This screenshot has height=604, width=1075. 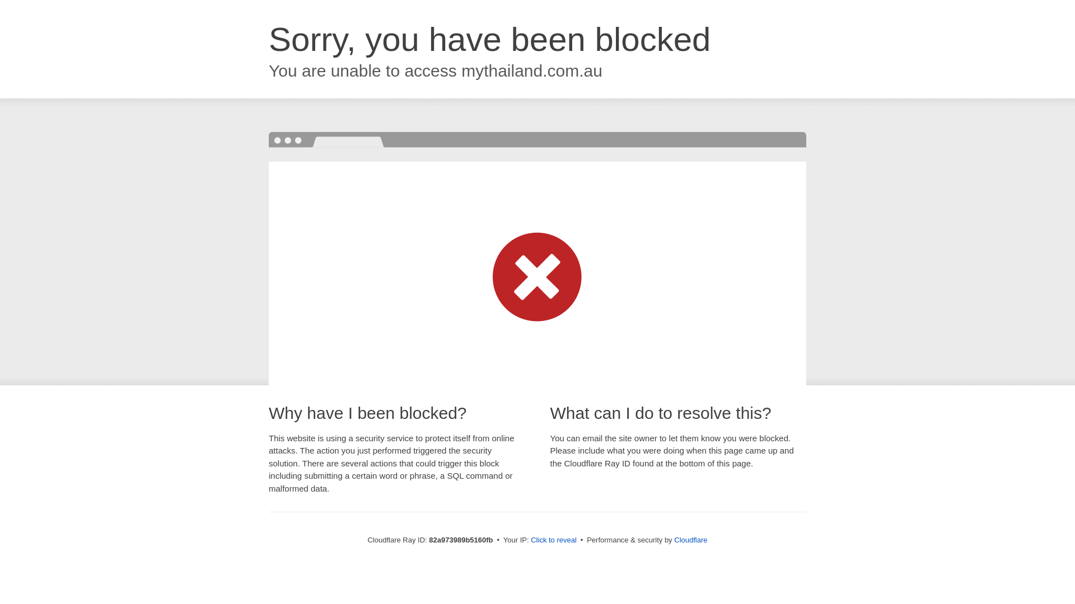 What do you see at coordinates (553, 539) in the screenshot?
I see `'Click to reveal'` at bounding box center [553, 539].